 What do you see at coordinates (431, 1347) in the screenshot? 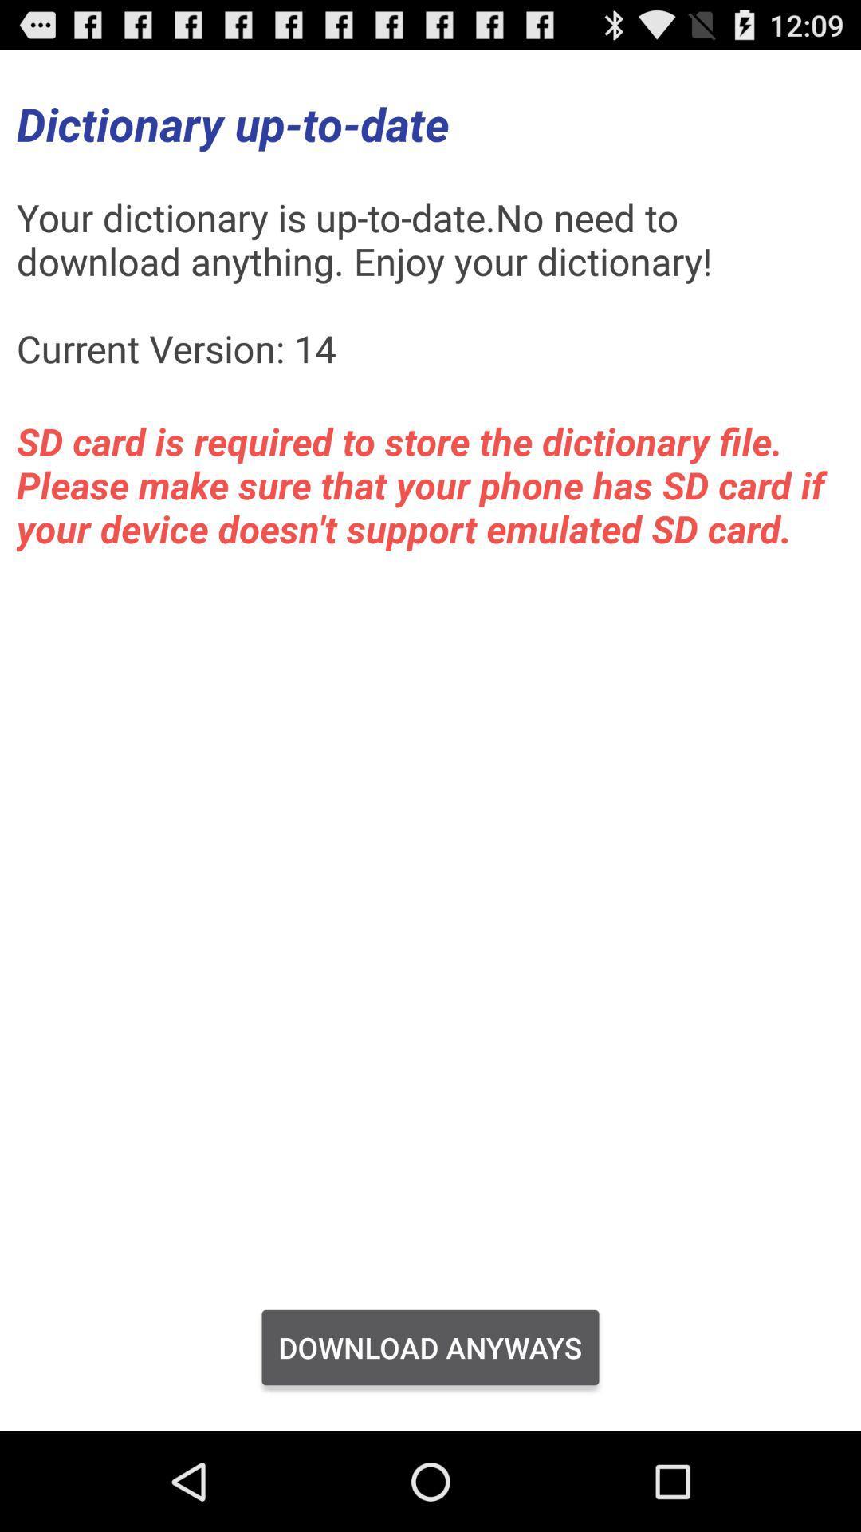
I see `item at the bottom` at bounding box center [431, 1347].